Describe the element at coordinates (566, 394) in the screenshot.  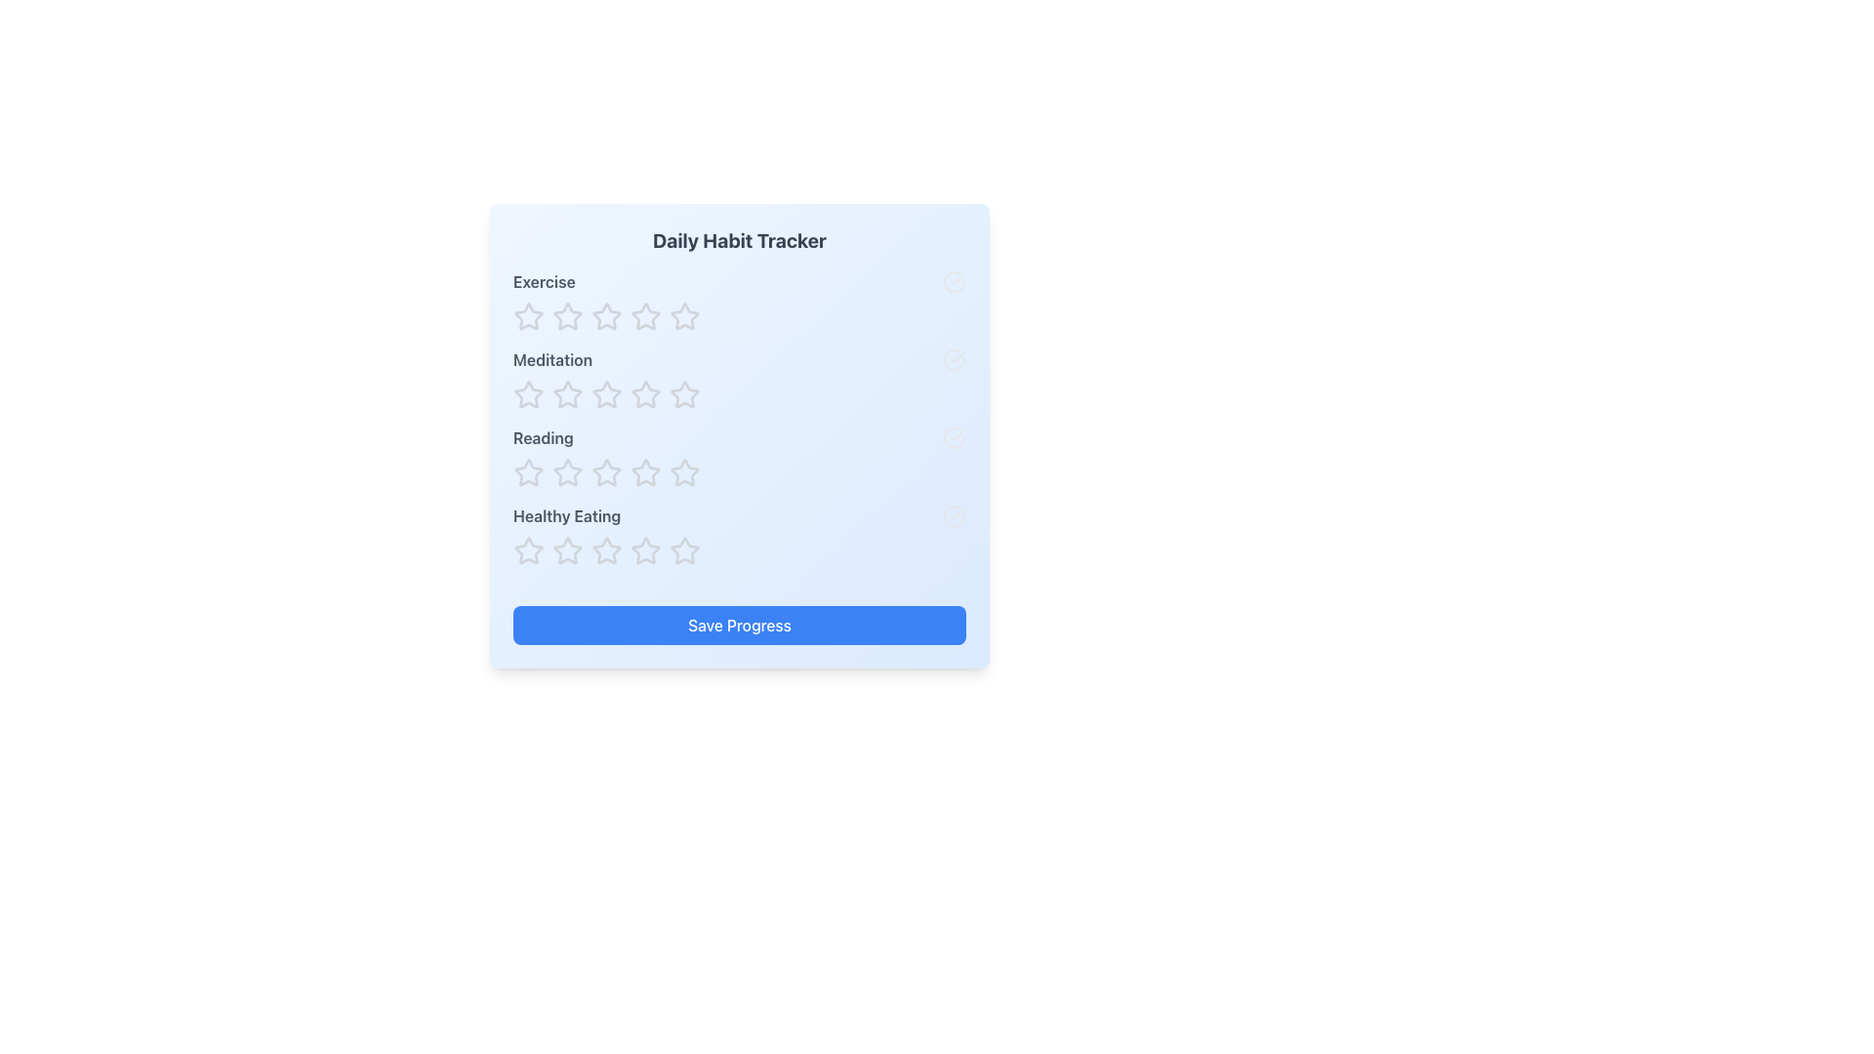
I see `the first star icon in the second row of the 'Daily Habit Tracker' under the 'Meditation' category` at that location.